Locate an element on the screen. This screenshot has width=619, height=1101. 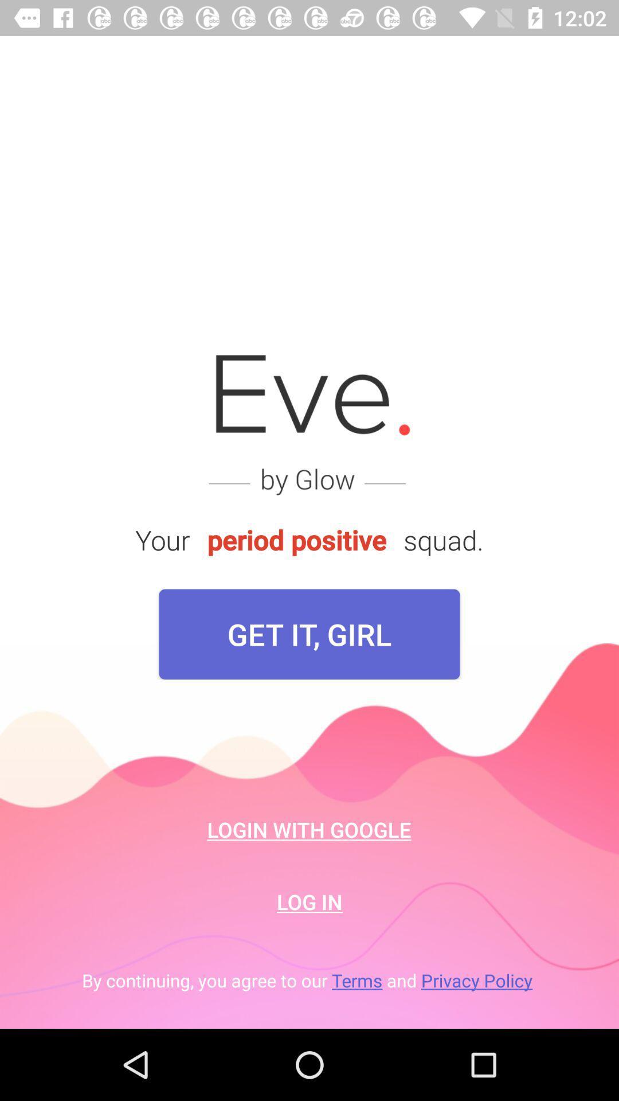
icon above  log in  item is located at coordinates (308, 829).